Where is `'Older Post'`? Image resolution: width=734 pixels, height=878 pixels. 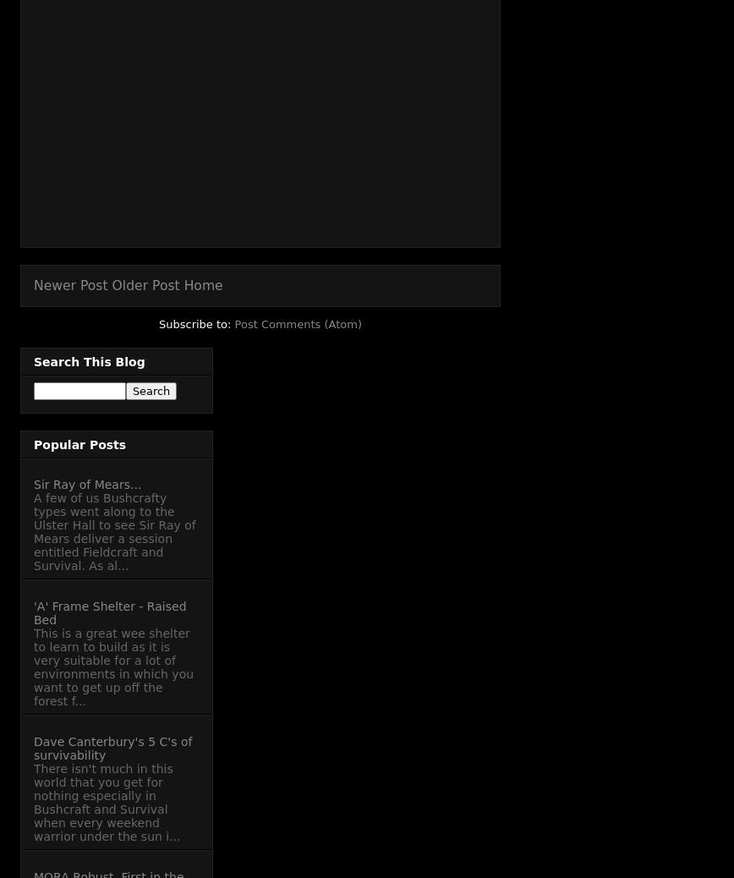 'Older Post' is located at coordinates (145, 285).